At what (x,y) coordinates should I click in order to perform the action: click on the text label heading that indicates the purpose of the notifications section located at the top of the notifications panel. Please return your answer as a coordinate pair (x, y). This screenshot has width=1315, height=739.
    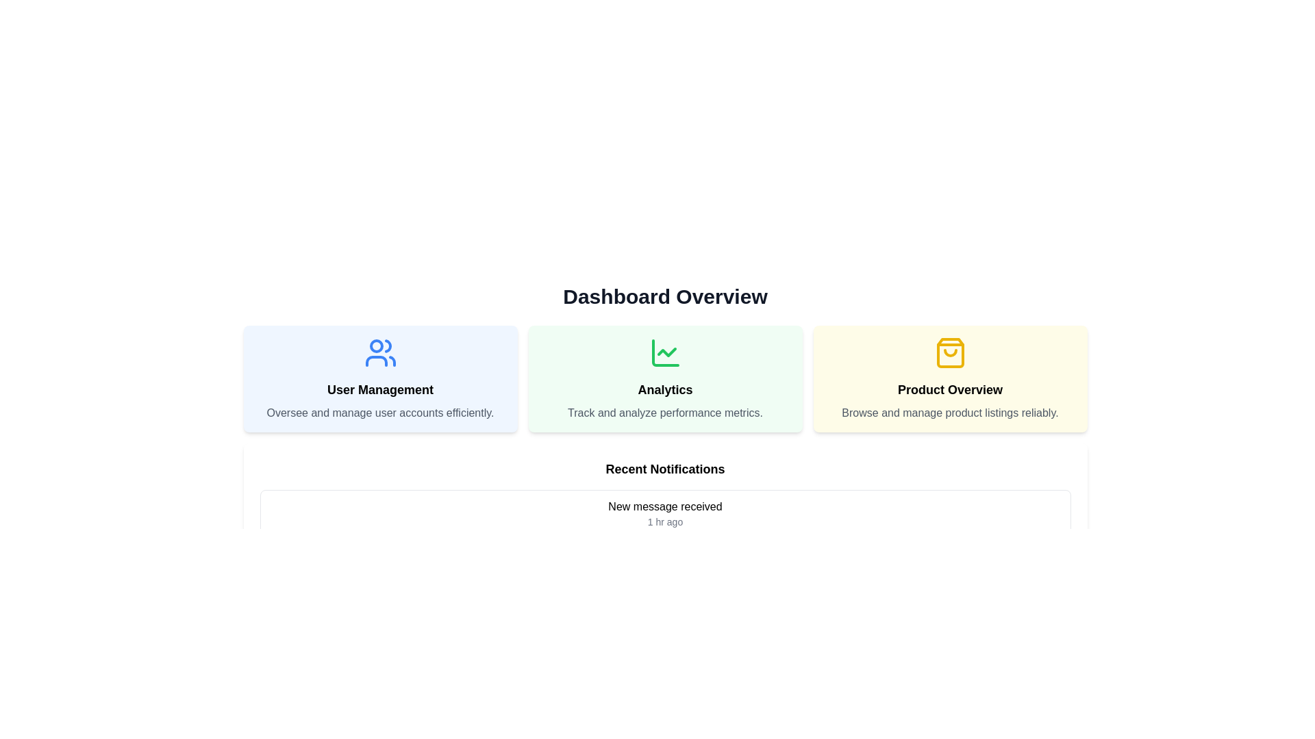
    Looking at the image, I should click on (665, 469).